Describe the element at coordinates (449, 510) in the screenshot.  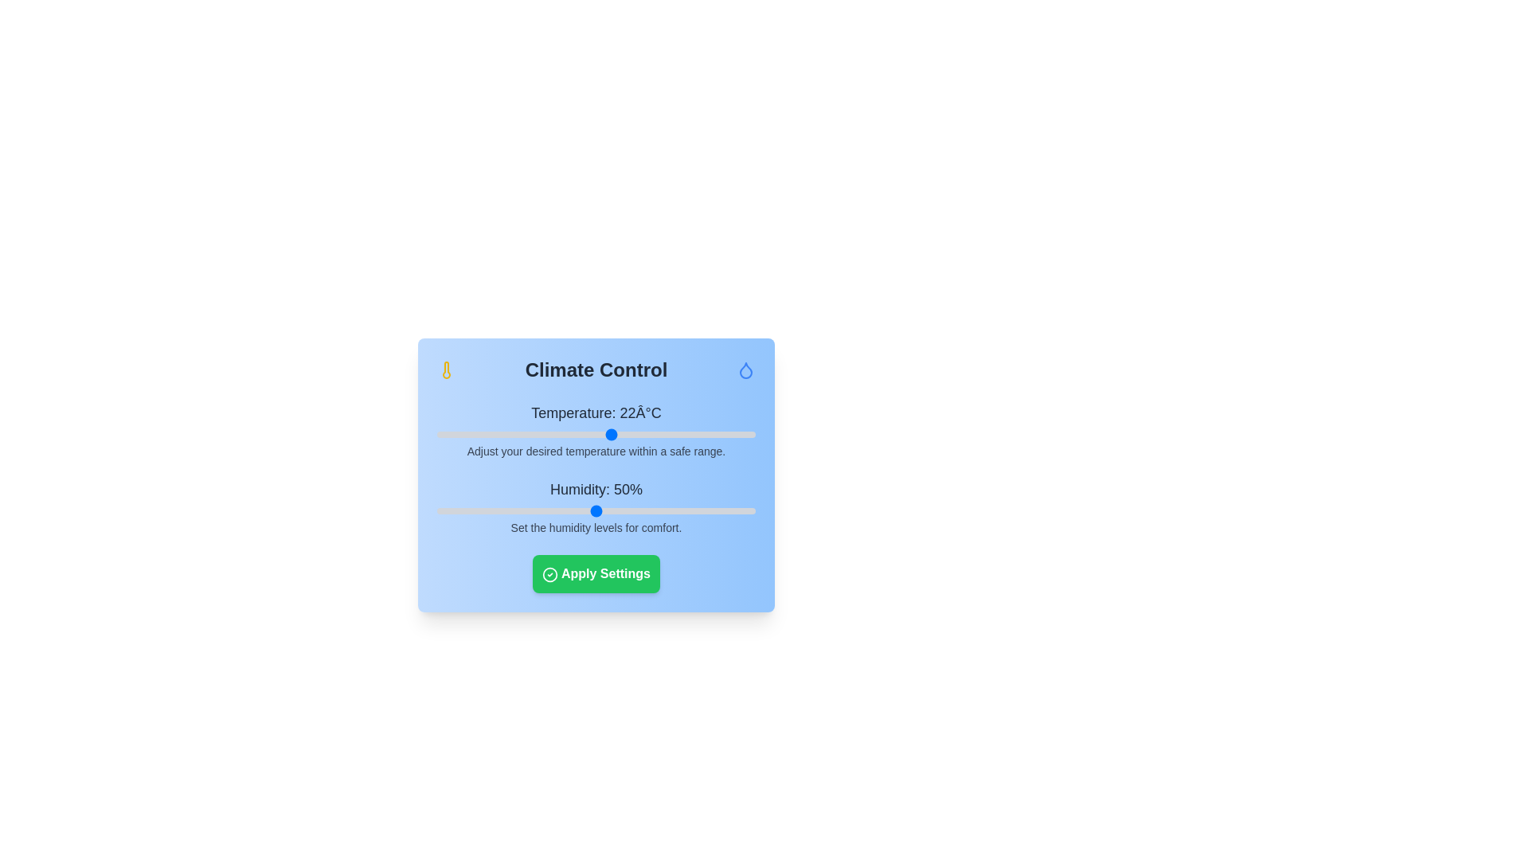
I see `the humidity` at that location.